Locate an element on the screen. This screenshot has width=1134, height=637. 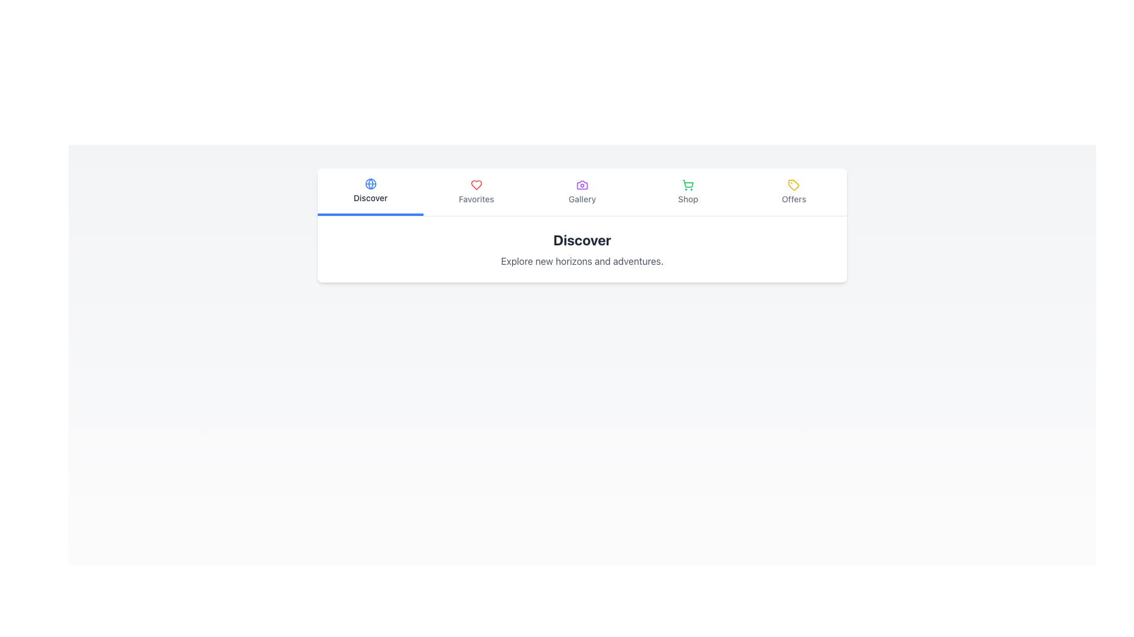
the 'Discover' text label located directly under the globe icon in the navigation section at the center-top of the interface is located at coordinates (370, 197).